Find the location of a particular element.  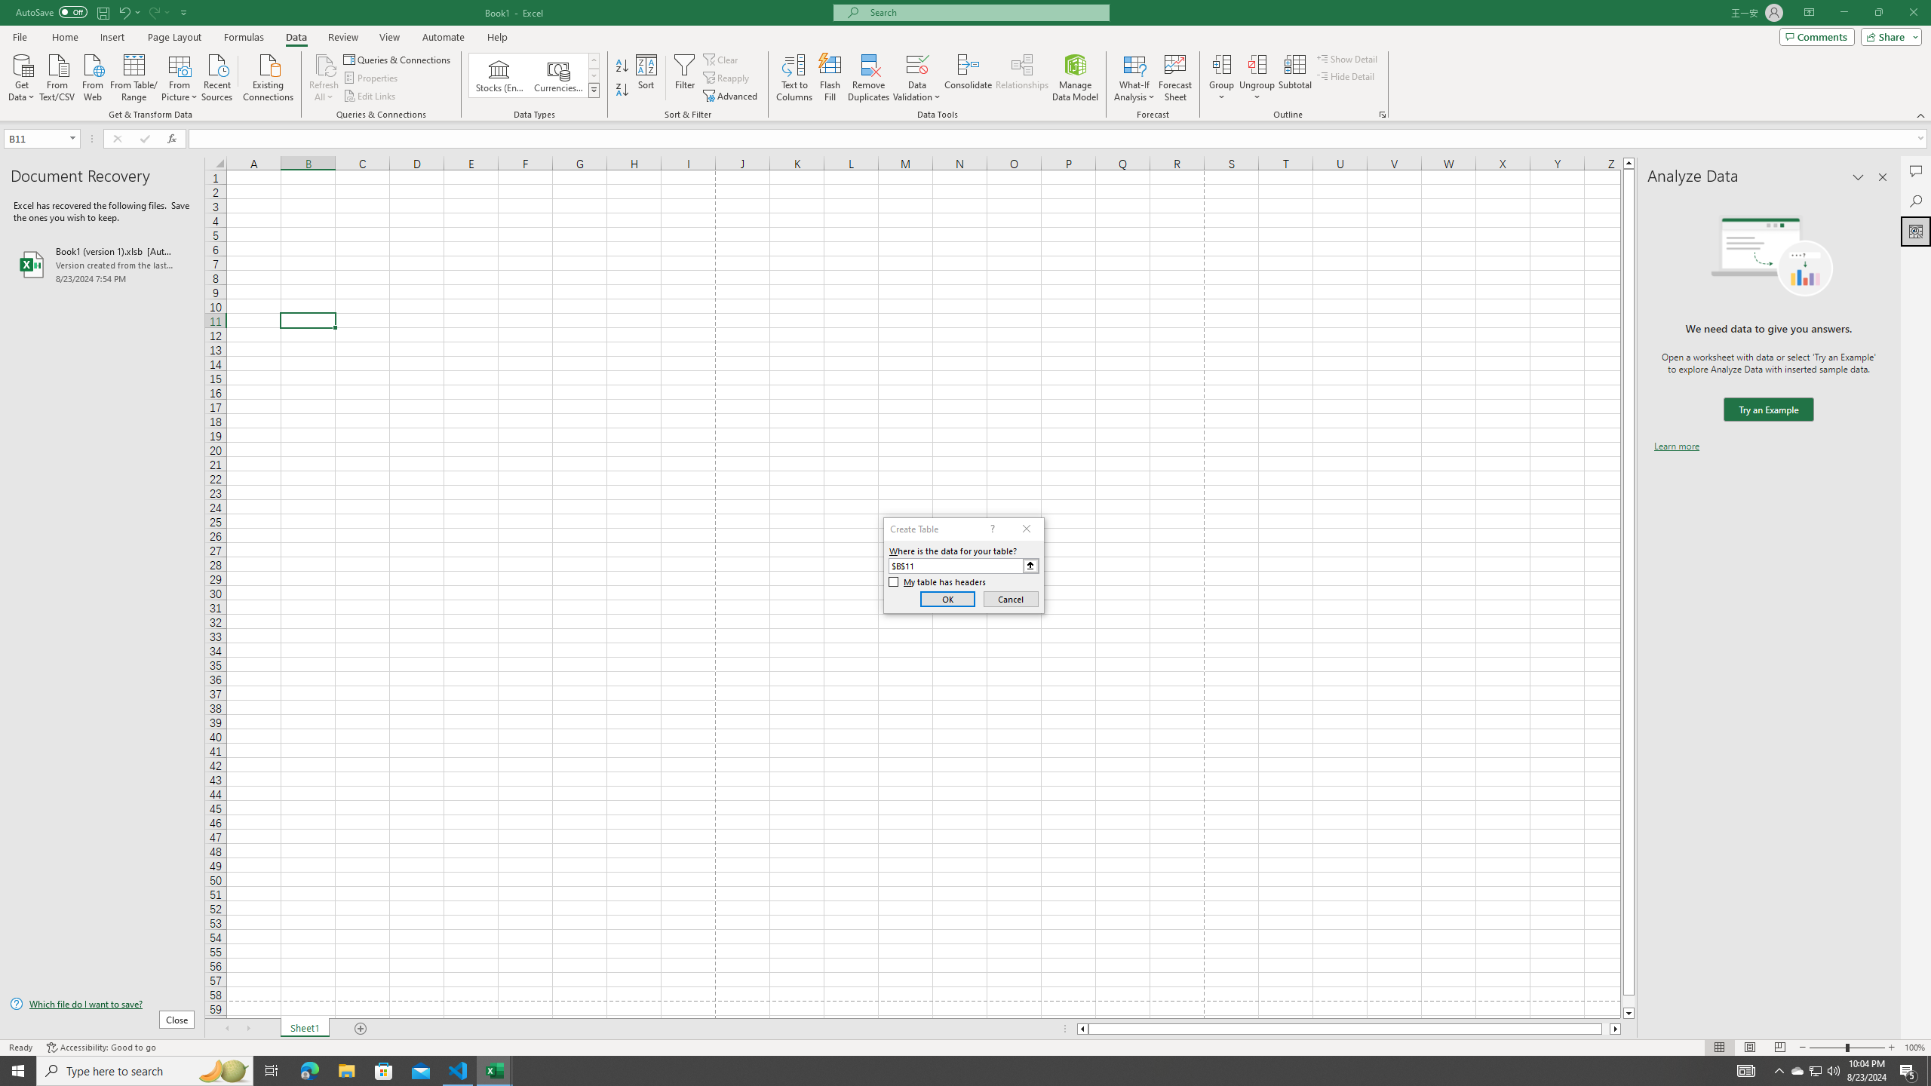

'Properties' is located at coordinates (372, 78).